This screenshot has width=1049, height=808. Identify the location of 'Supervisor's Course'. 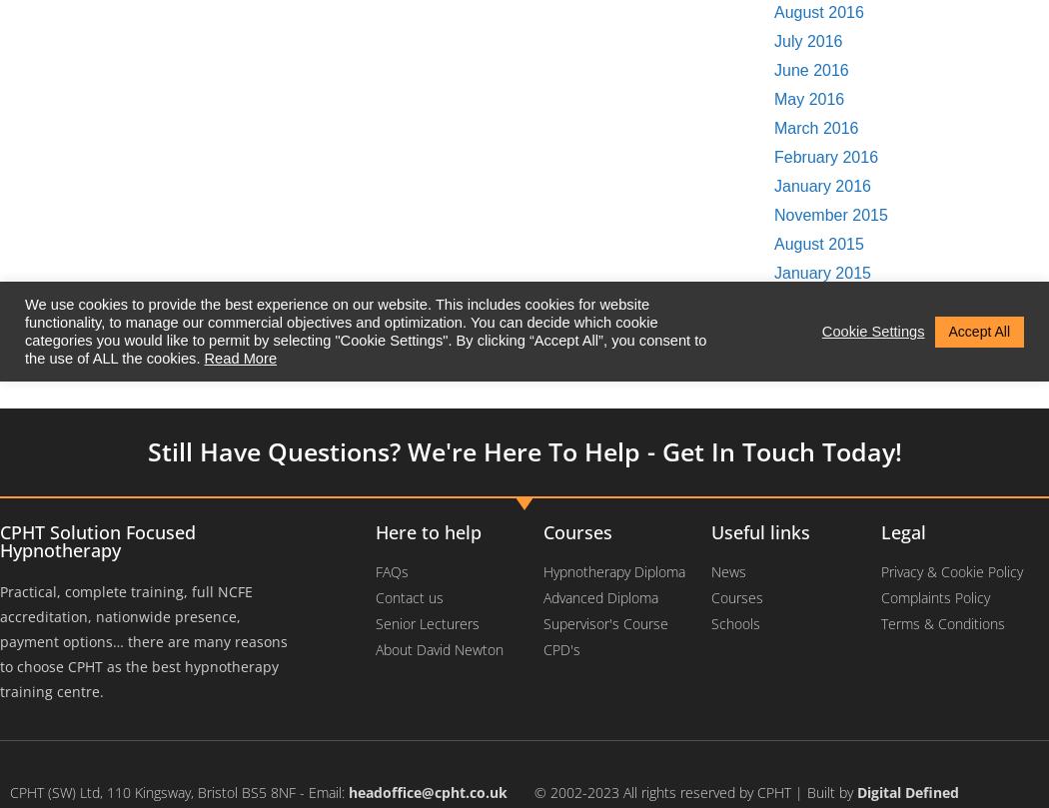
(604, 622).